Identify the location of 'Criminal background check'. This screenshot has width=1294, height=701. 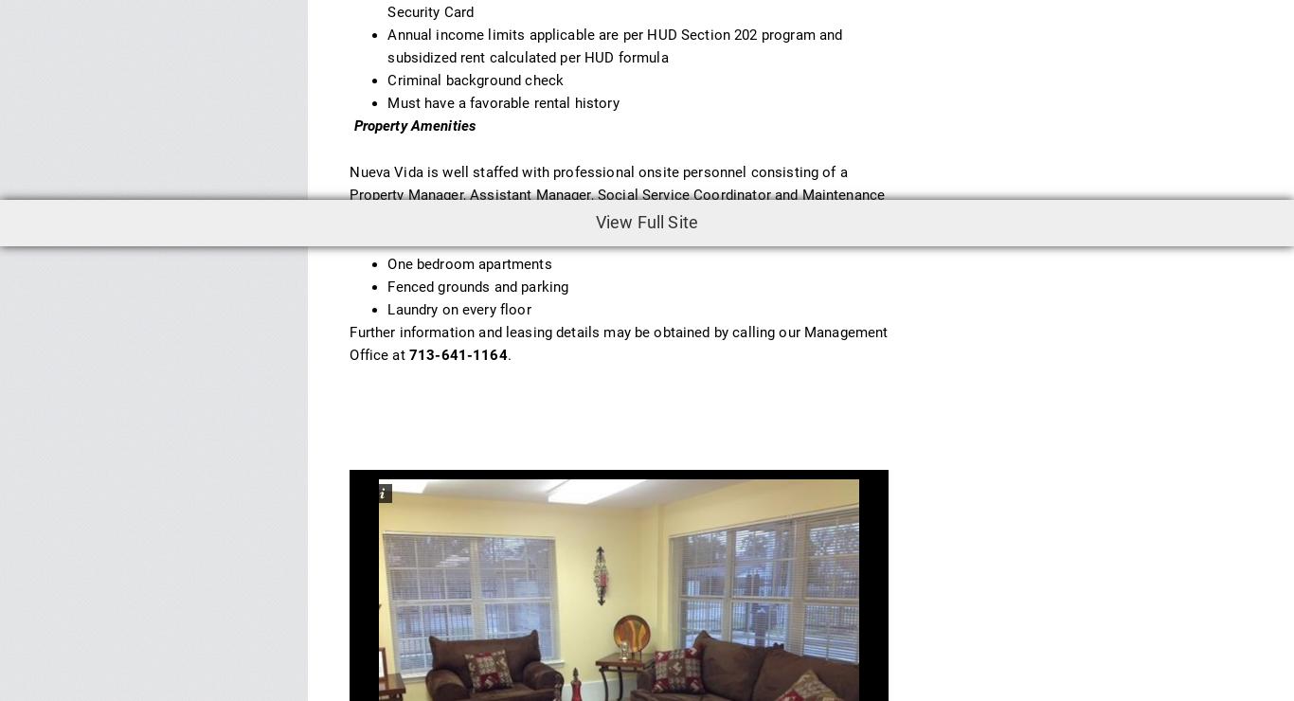
(476, 78).